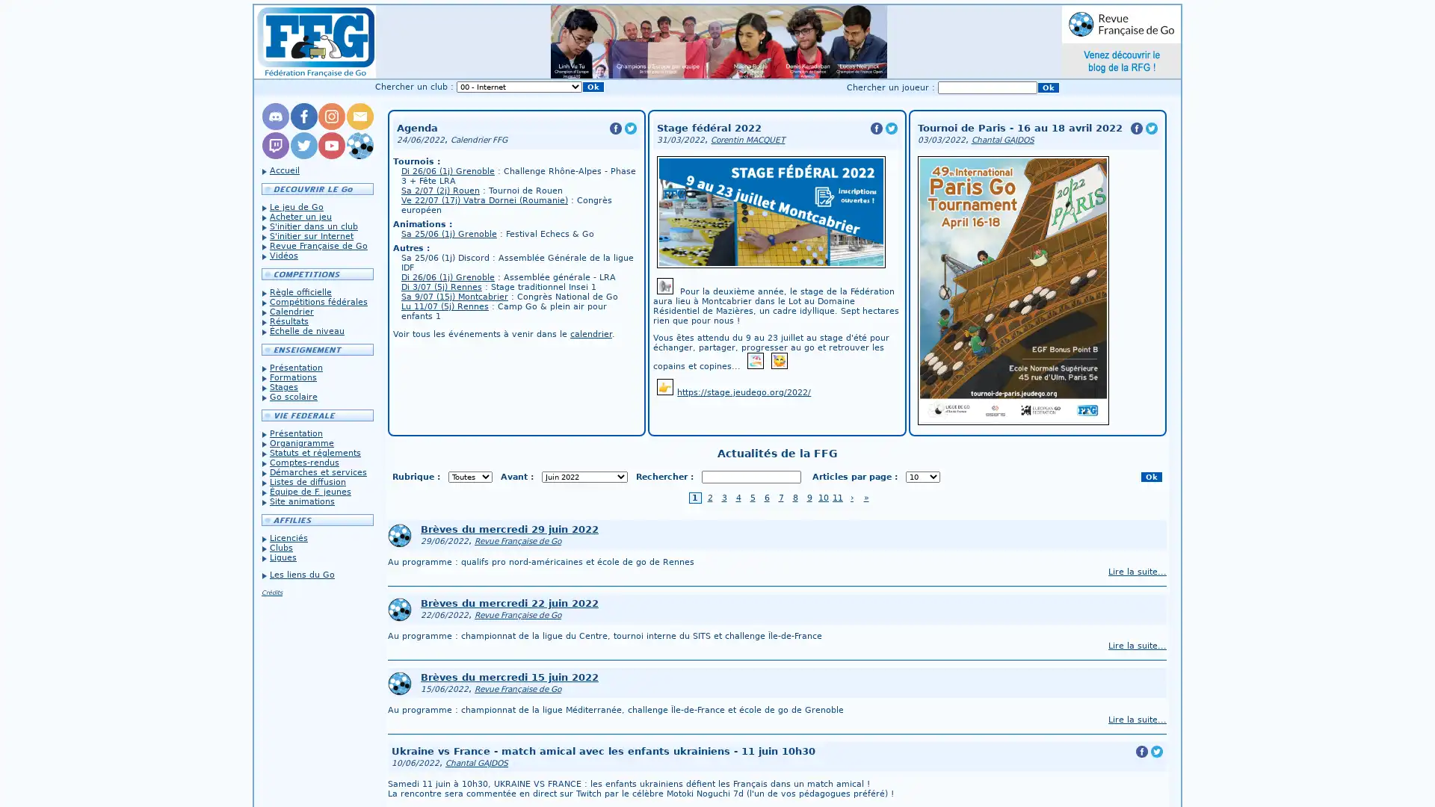 This screenshot has width=1435, height=807. What do you see at coordinates (592, 87) in the screenshot?
I see `Ok` at bounding box center [592, 87].